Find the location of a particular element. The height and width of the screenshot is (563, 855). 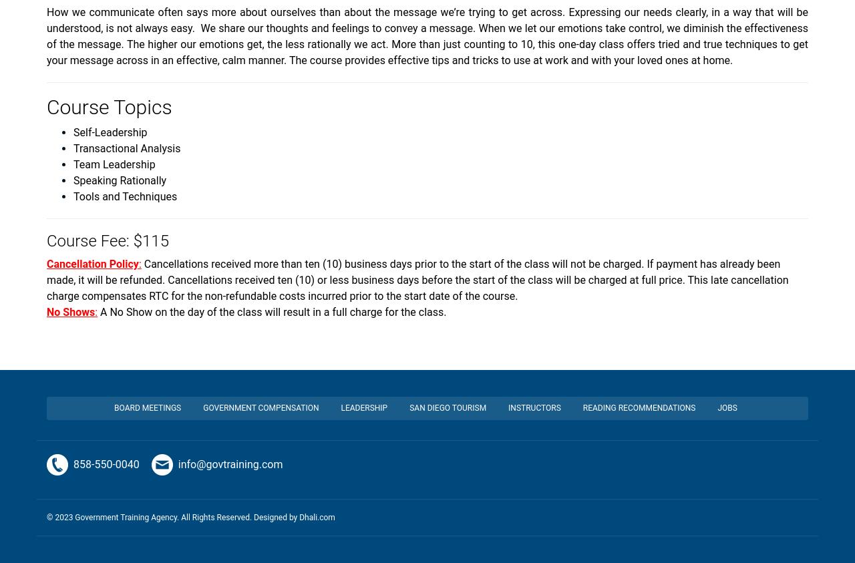

'858-550-0040' is located at coordinates (105, 463).